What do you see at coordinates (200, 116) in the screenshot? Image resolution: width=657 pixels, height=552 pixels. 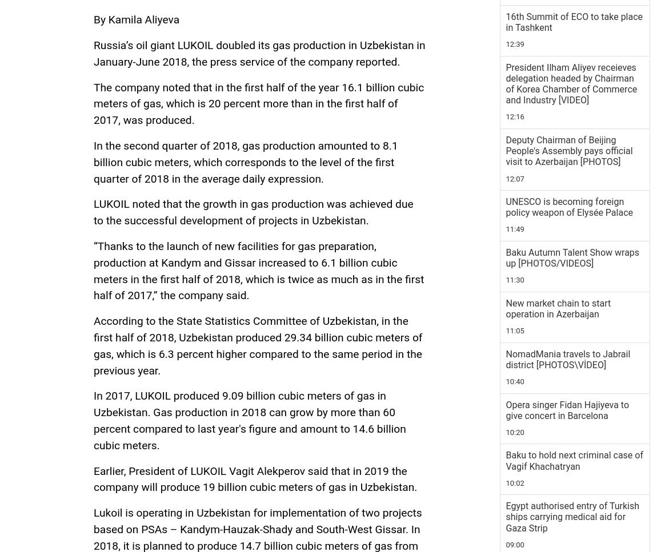 I see `'Azernews'` at bounding box center [200, 116].